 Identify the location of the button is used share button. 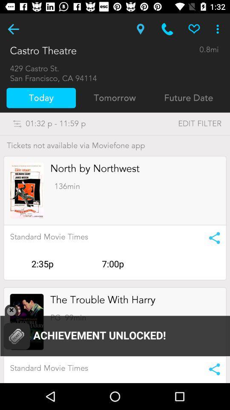
(211, 238).